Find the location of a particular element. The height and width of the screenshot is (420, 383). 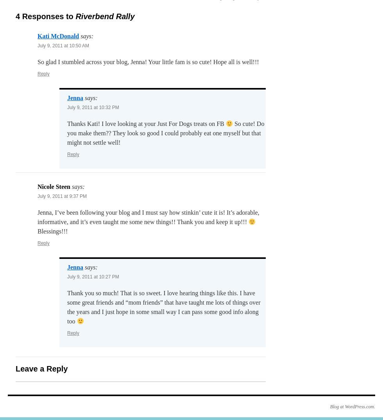

'Riverbend Rally' is located at coordinates (105, 16).